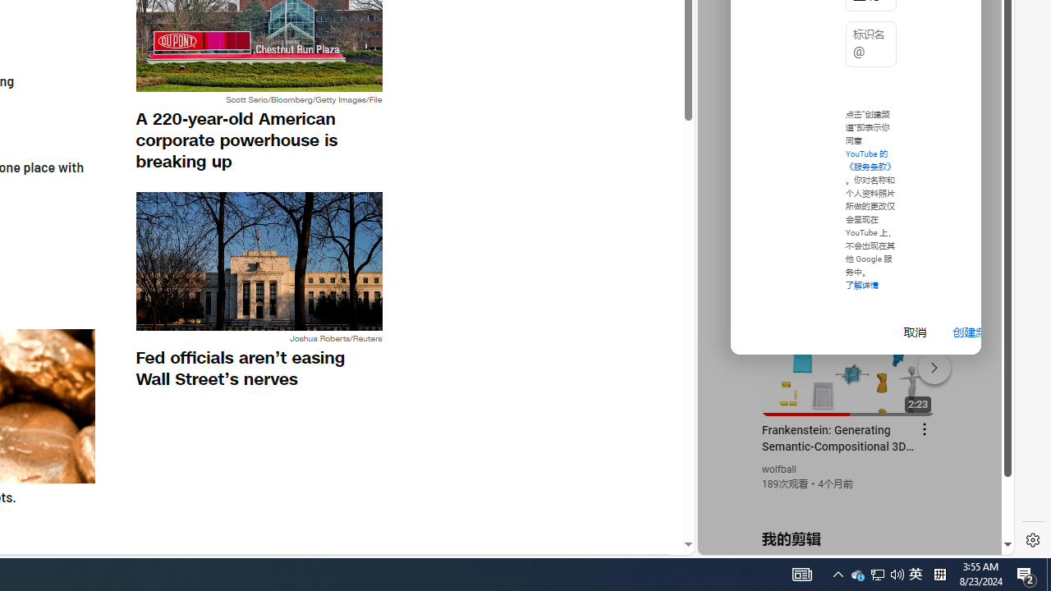  What do you see at coordinates (258, 139) in the screenshot?
I see `'A 220-year-old American corporate powerhouse is breaking up'` at bounding box center [258, 139].